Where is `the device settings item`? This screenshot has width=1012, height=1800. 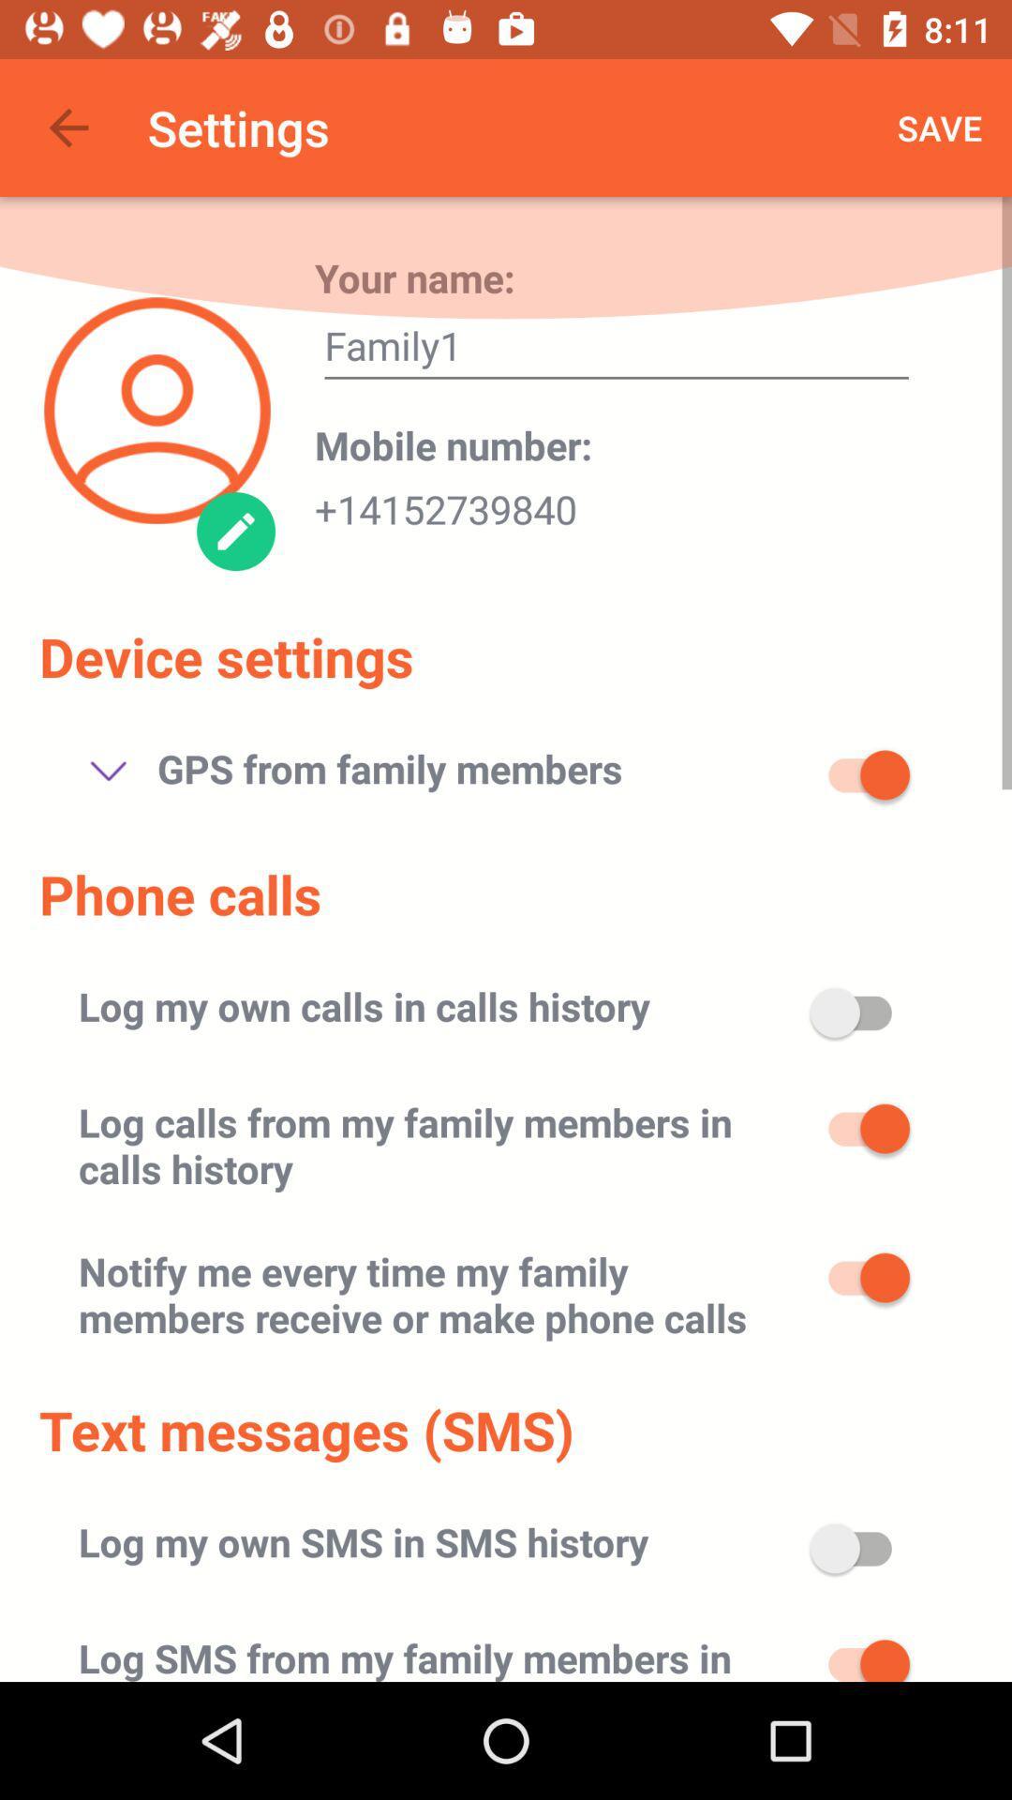 the device settings item is located at coordinates (225, 656).